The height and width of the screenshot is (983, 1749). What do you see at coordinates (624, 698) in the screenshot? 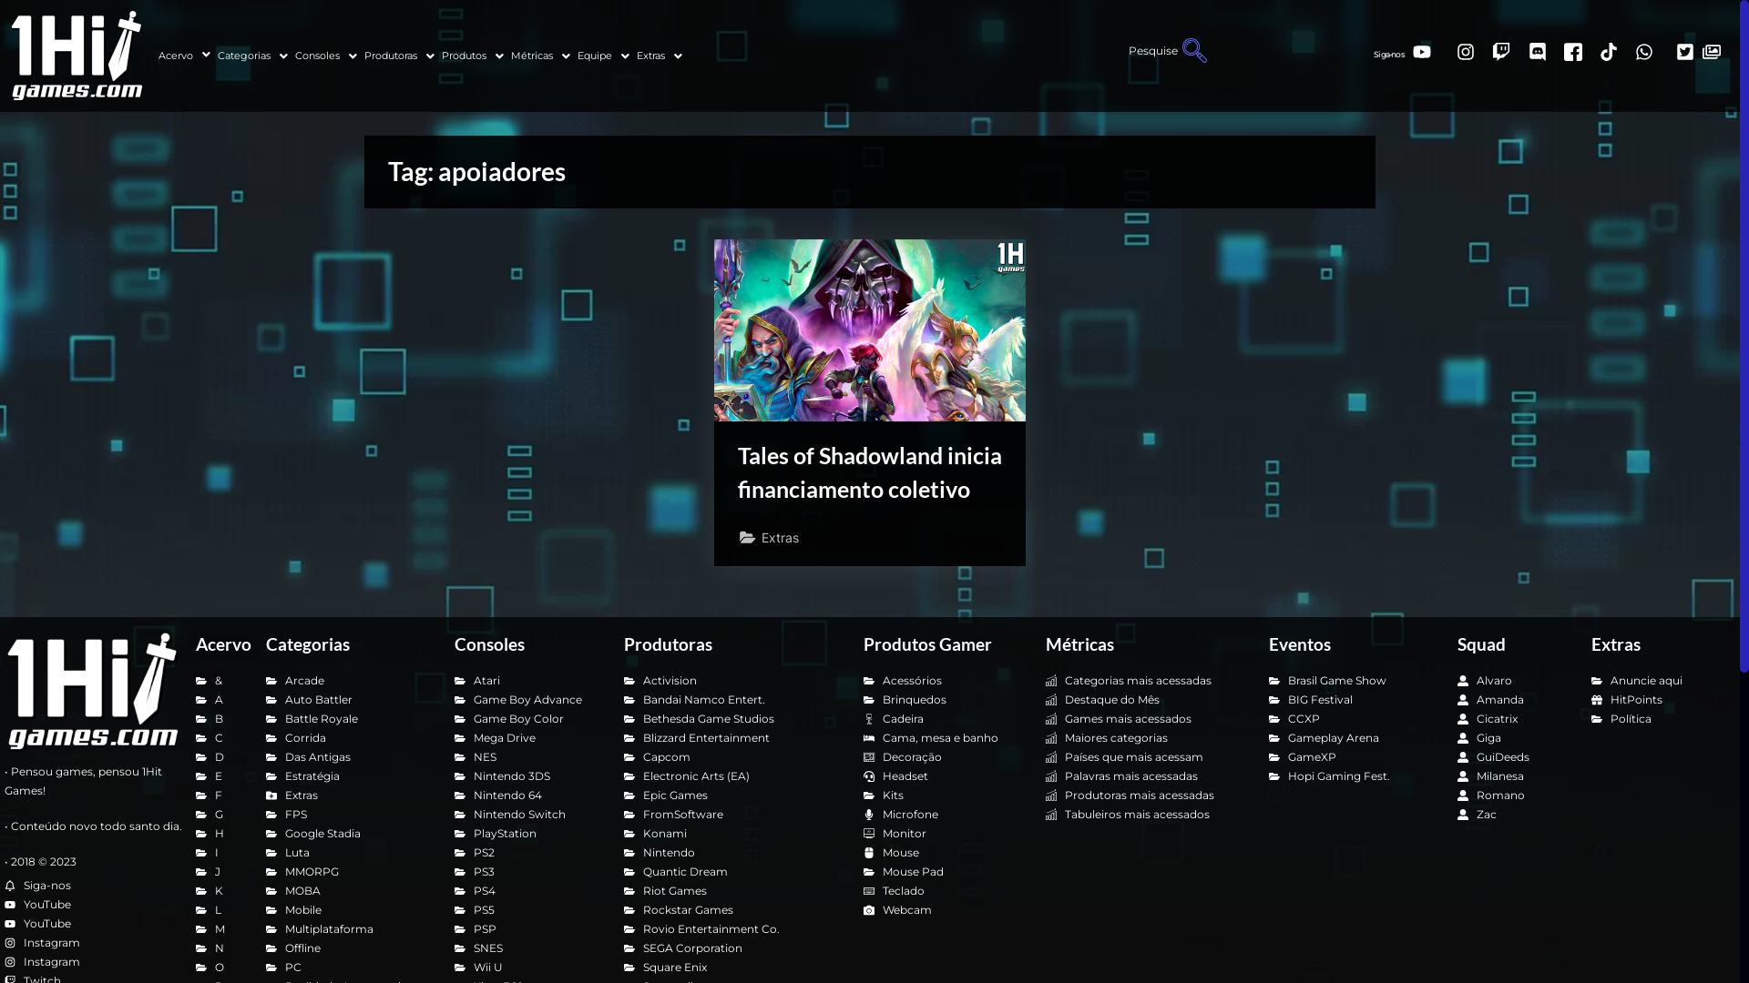
I see `'Bandai Namco Entert.'` at bounding box center [624, 698].